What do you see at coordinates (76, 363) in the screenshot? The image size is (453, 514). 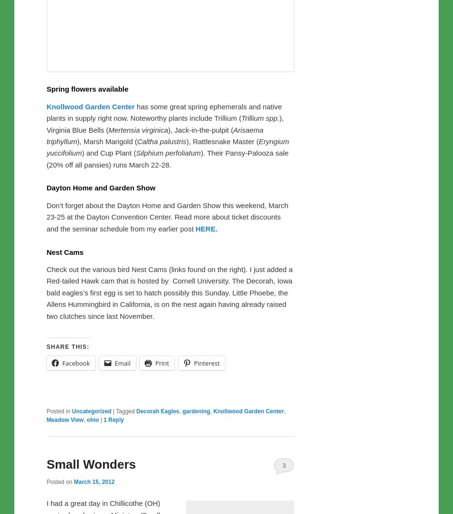 I see `'Facebook'` at bounding box center [76, 363].